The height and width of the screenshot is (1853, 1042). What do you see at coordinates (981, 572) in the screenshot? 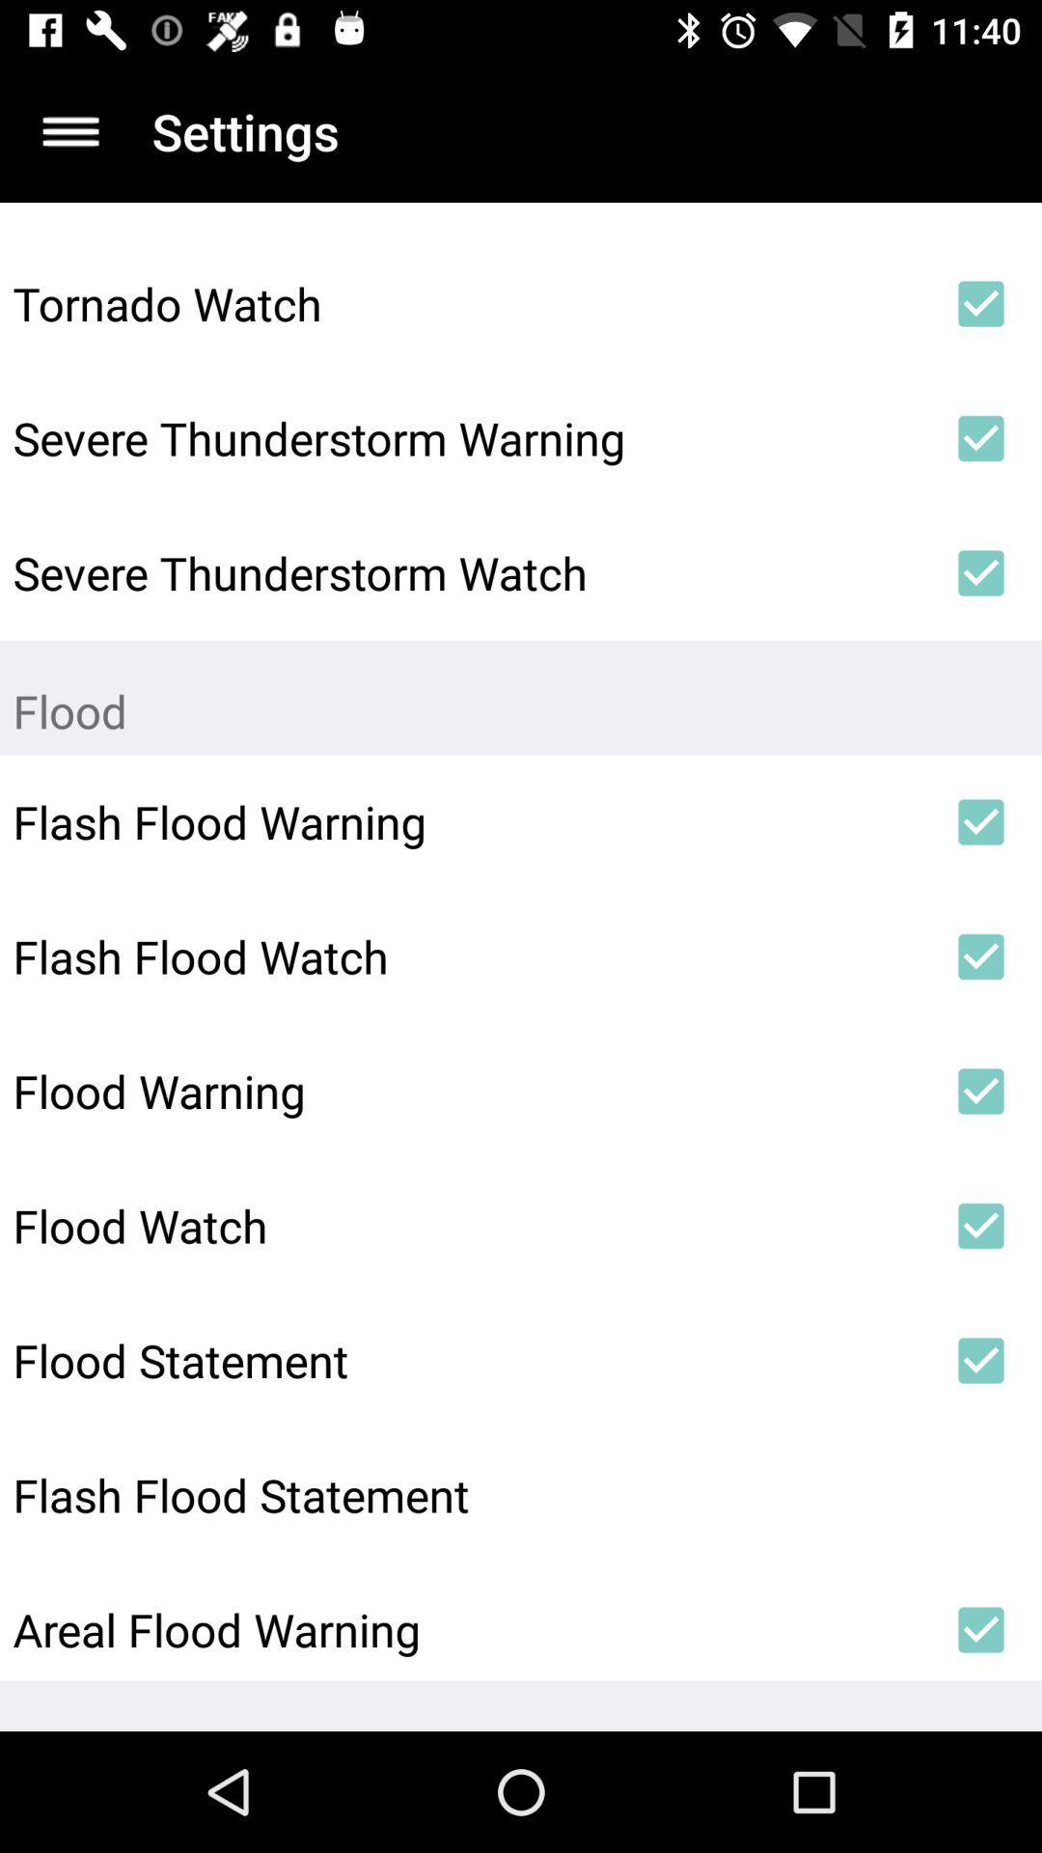
I see `the icon next to severe thunderstorm watch icon` at bounding box center [981, 572].